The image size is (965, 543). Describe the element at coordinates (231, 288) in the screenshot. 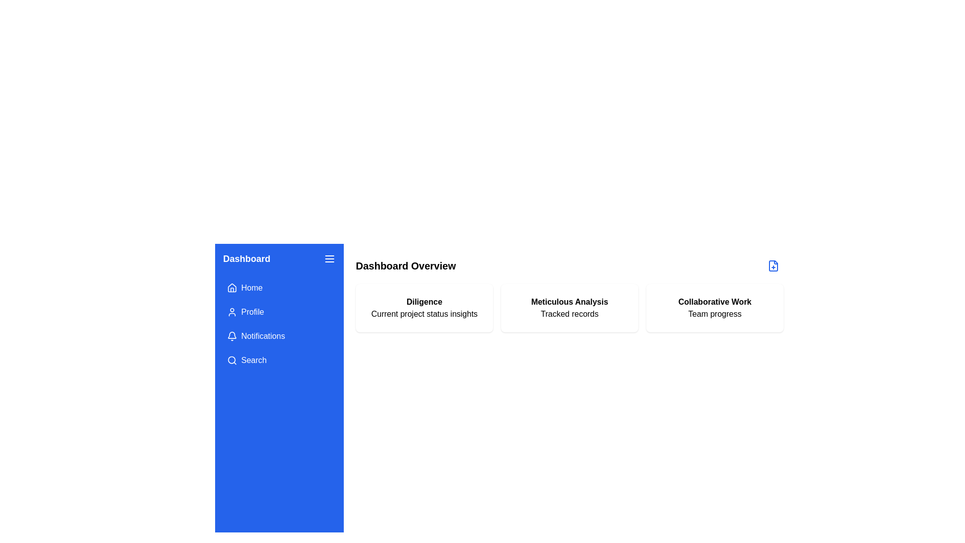

I see `the 'Home' icon in the left-hand navigation menu, which is the first icon adjacent to the text labeled 'Home'` at that location.